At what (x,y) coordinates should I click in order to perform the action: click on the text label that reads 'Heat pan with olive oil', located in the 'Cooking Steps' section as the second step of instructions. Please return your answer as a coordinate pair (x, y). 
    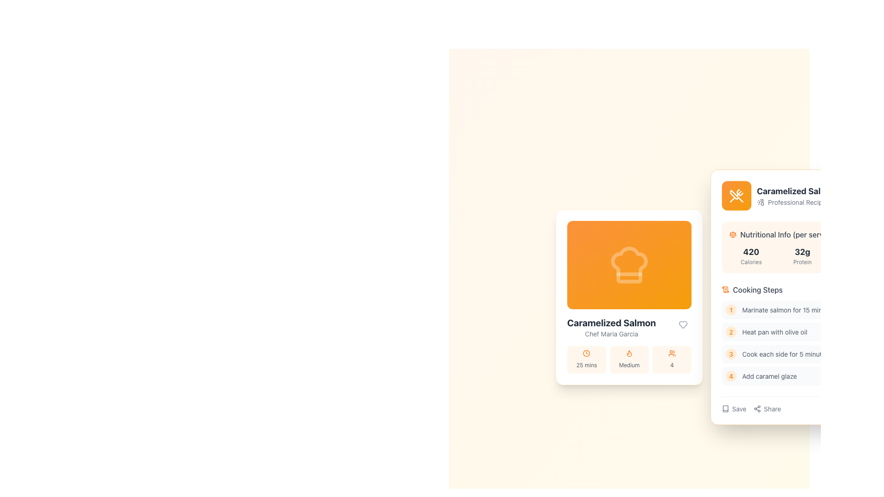
    Looking at the image, I should click on (774, 332).